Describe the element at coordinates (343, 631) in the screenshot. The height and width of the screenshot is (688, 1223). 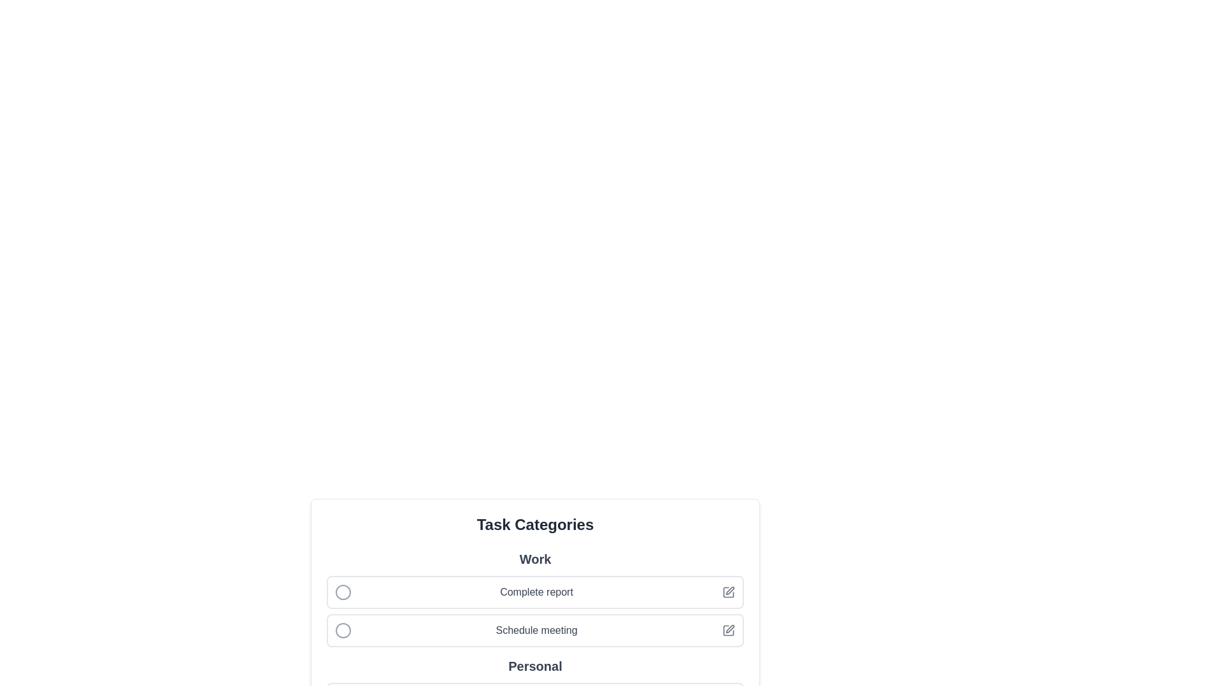
I see `the task 'Schedule meeting' to toggle its completion state` at that location.